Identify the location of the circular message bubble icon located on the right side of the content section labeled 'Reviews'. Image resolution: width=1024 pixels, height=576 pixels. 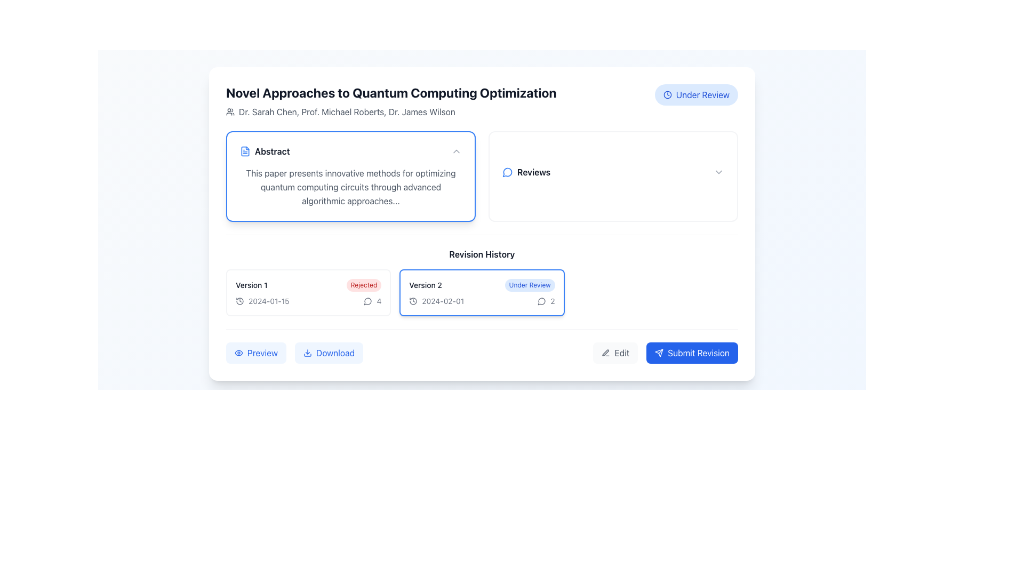
(368, 301).